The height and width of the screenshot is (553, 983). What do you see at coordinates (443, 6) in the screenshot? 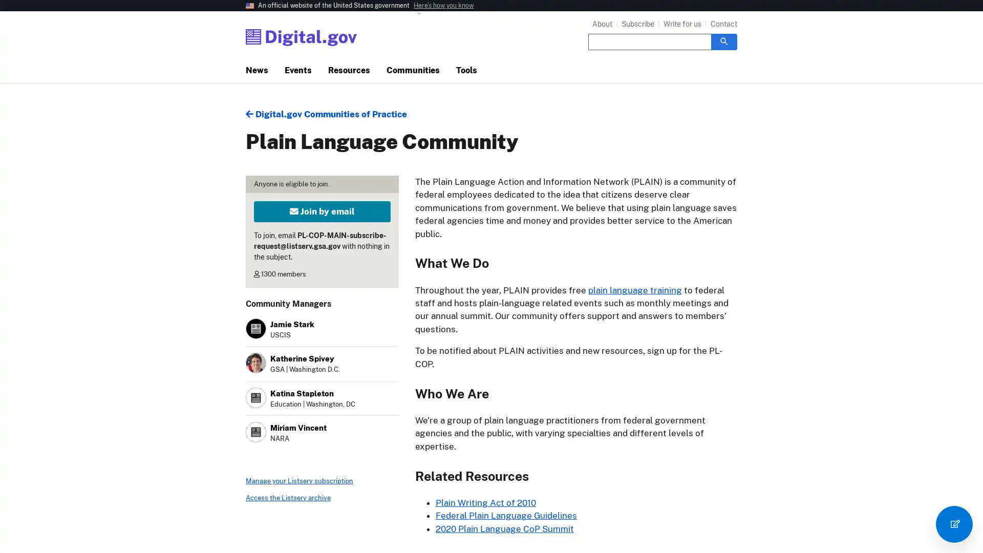
I see `Heres how you know` at bounding box center [443, 6].